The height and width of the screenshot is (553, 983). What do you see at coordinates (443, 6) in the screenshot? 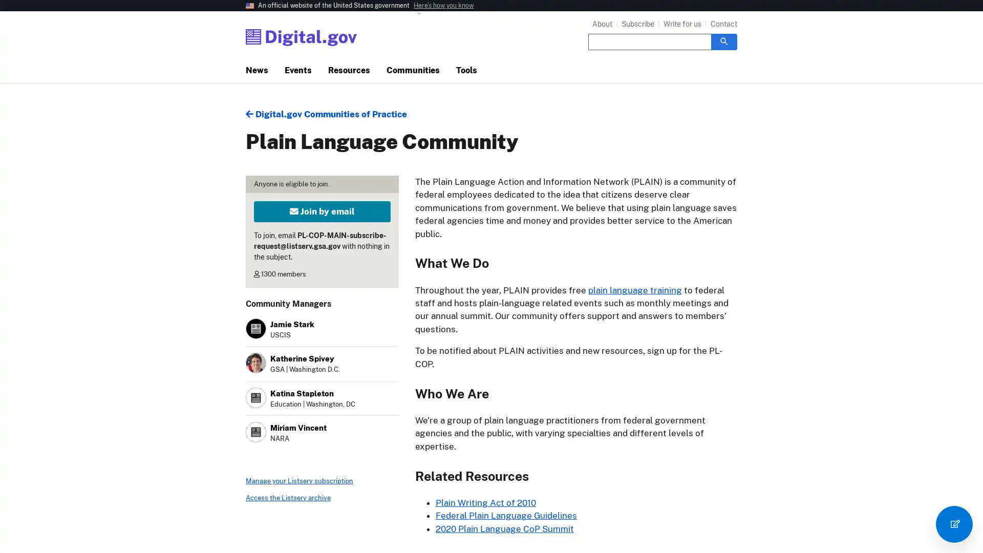
I see `Heres how you know` at bounding box center [443, 6].